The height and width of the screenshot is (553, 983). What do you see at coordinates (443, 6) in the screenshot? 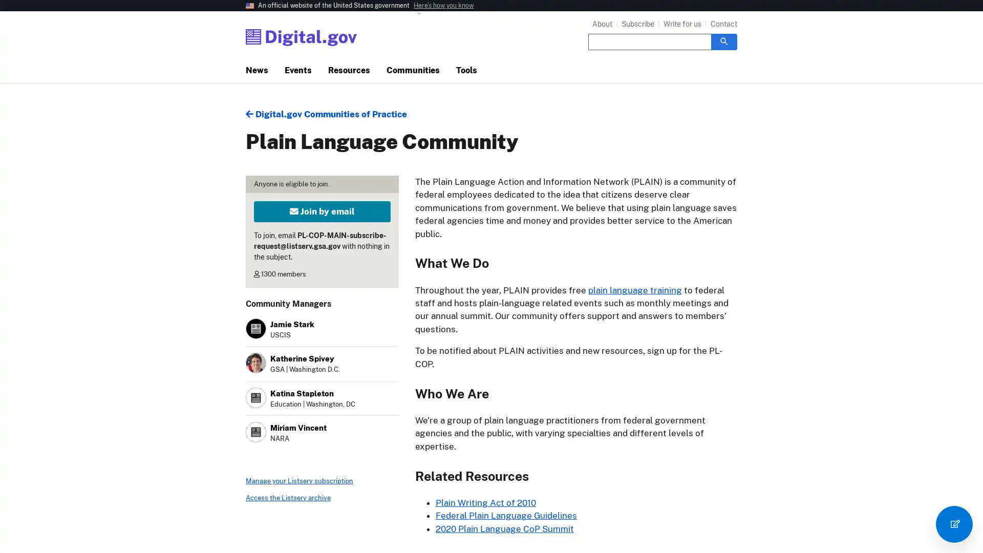
I see `Heres how you know` at bounding box center [443, 6].